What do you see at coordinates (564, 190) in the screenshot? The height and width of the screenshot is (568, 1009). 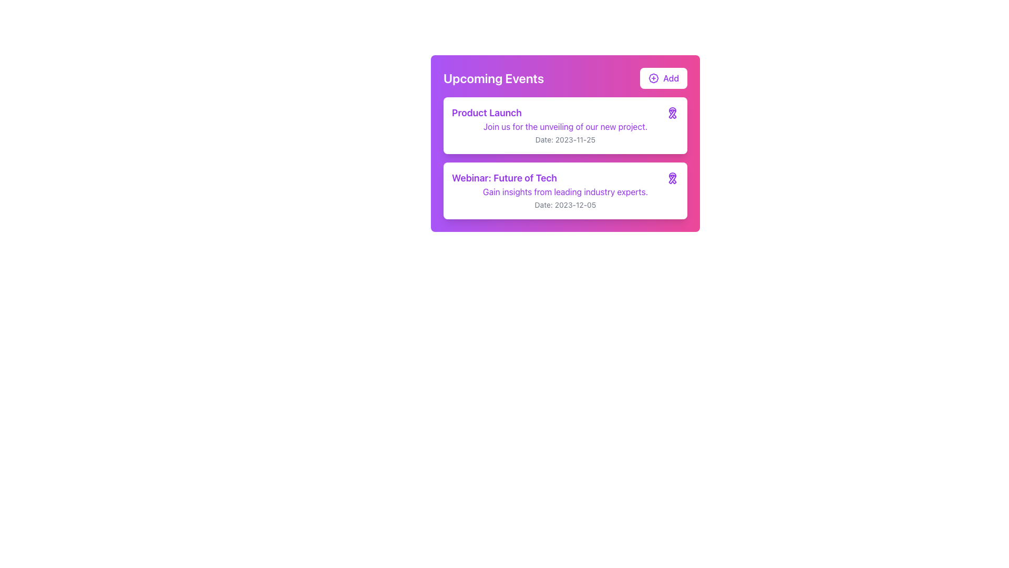 I see `details from the Information Card displaying event details for the 'Future of Tech' webinar, which is the second item in the vertical list under the 'Upcoming Events' card` at bounding box center [564, 190].